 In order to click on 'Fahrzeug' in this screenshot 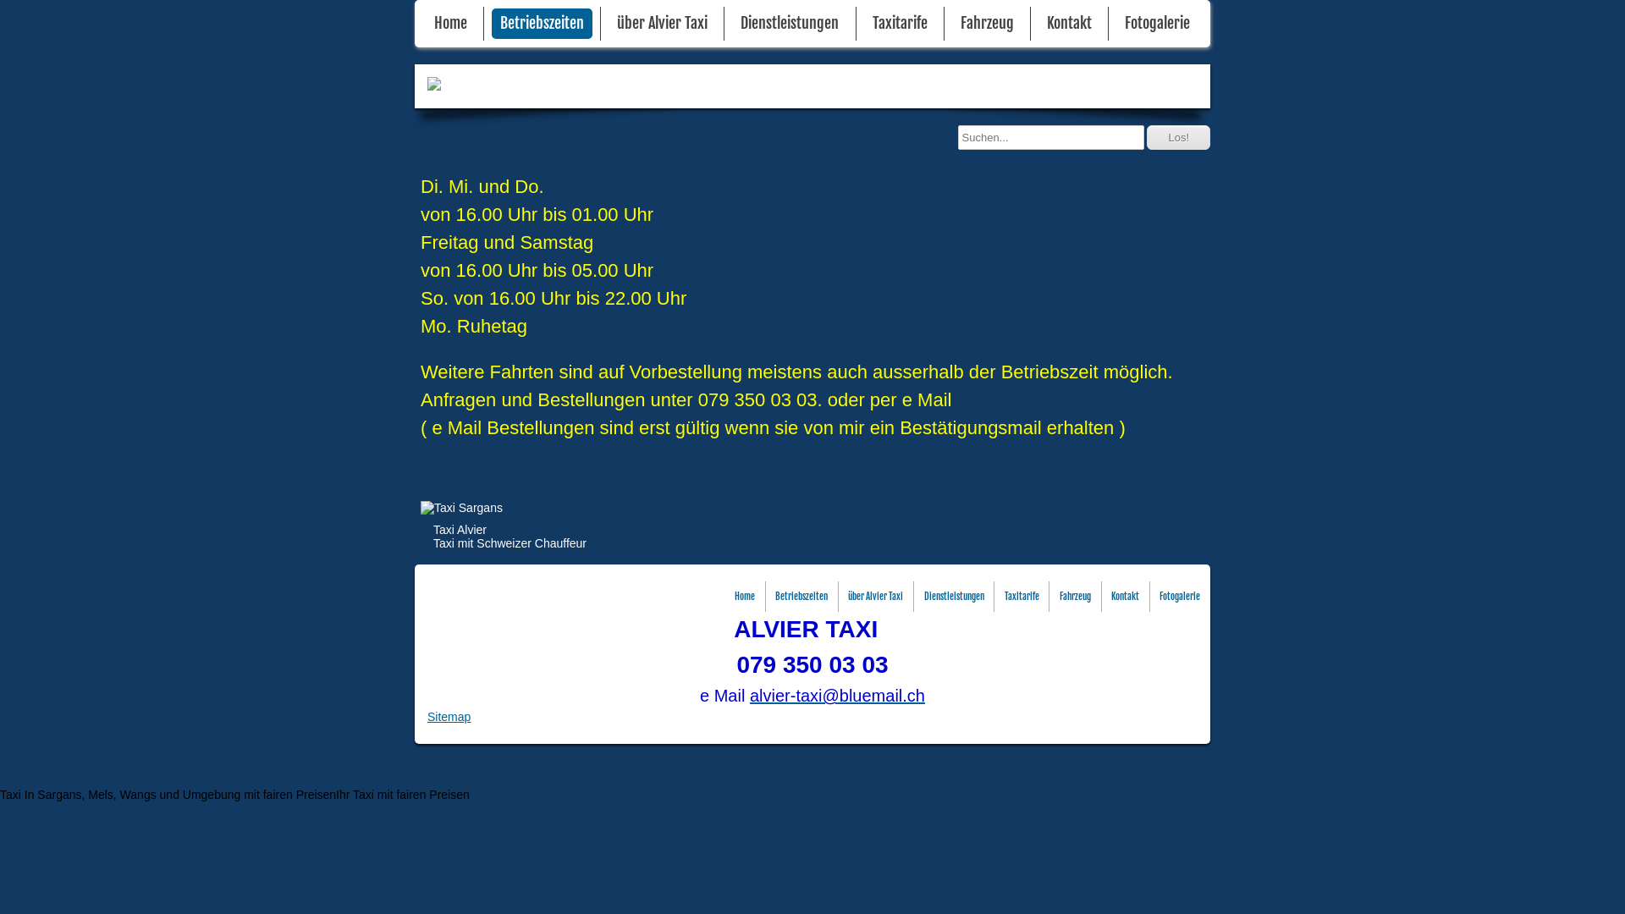, I will do `click(1074, 596)`.